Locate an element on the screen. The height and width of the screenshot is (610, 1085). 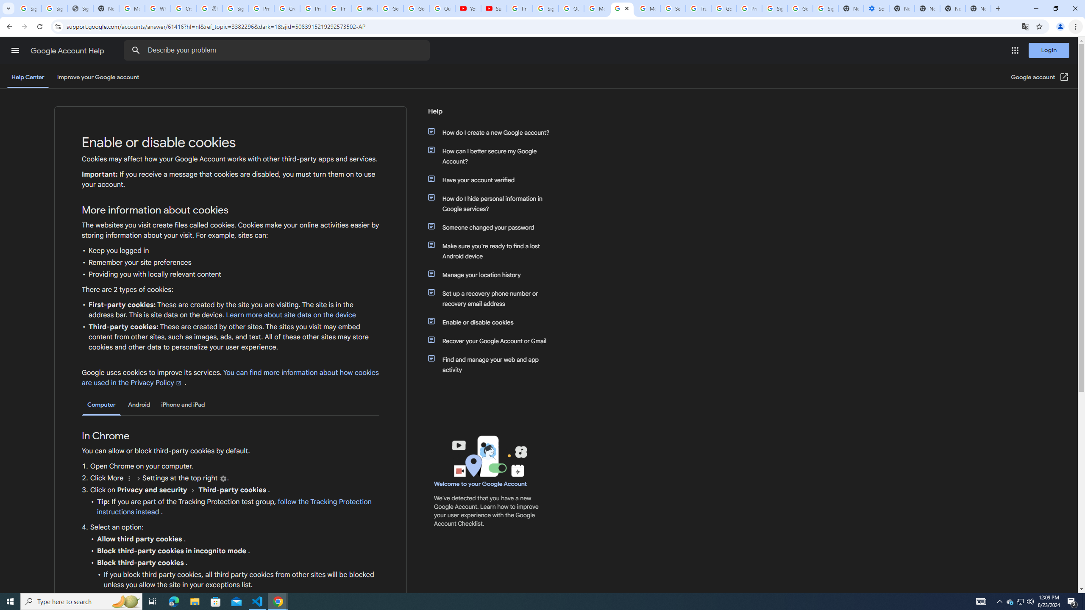
'Welcome to My Activity' is located at coordinates (364, 8).